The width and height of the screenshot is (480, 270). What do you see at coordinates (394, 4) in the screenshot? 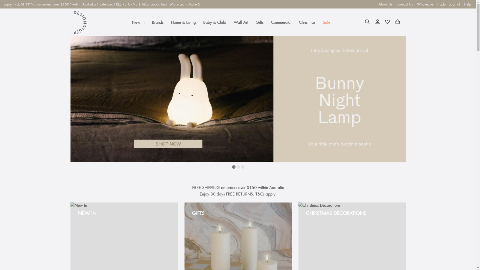
I see `'Contact Us'` at bounding box center [394, 4].